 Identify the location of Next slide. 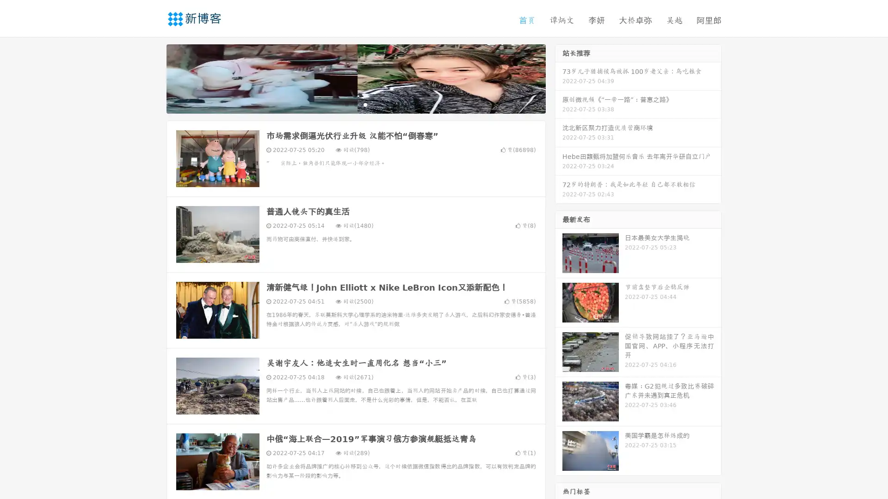
(559, 78).